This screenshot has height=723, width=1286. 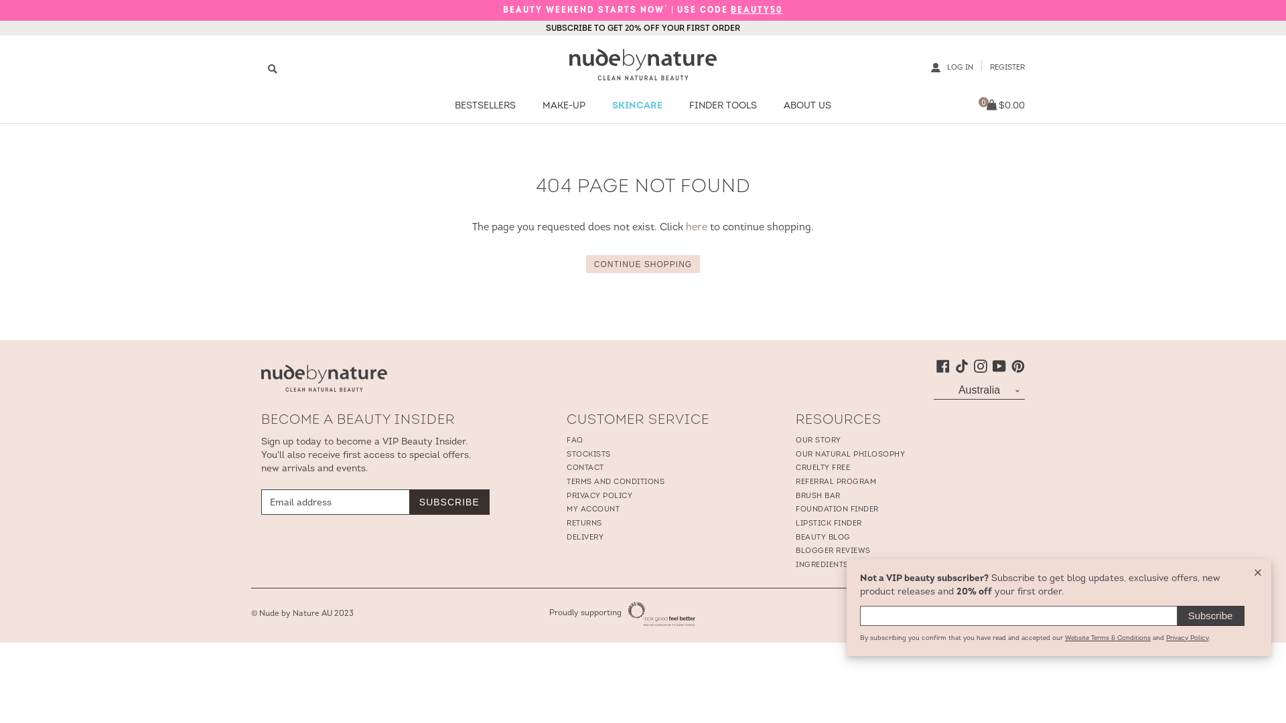 I want to click on 'MY ACCOUNT', so click(x=592, y=509).